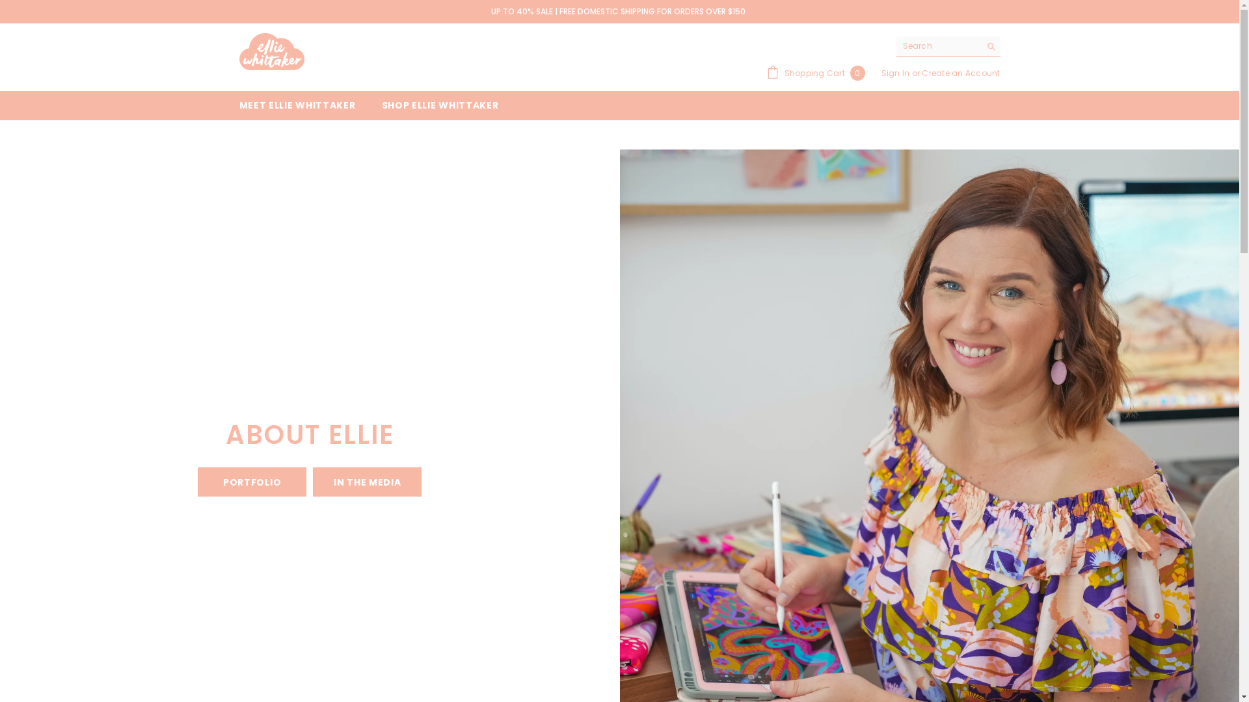  Describe the element at coordinates (297, 105) in the screenshot. I see `'MEET ELLIE WHITTAKER'` at that location.